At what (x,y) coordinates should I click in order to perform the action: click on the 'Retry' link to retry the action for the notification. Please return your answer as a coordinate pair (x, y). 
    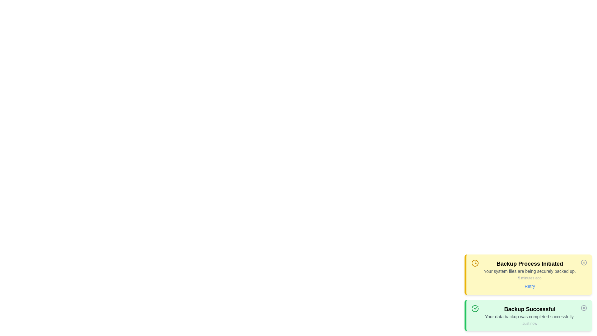
    Looking at the image, I should click on (530, 286).